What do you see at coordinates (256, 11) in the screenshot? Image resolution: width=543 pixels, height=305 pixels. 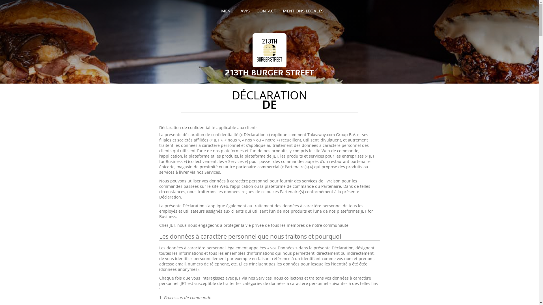 I see `'CONTACT'` at bounding box center [256, 11].